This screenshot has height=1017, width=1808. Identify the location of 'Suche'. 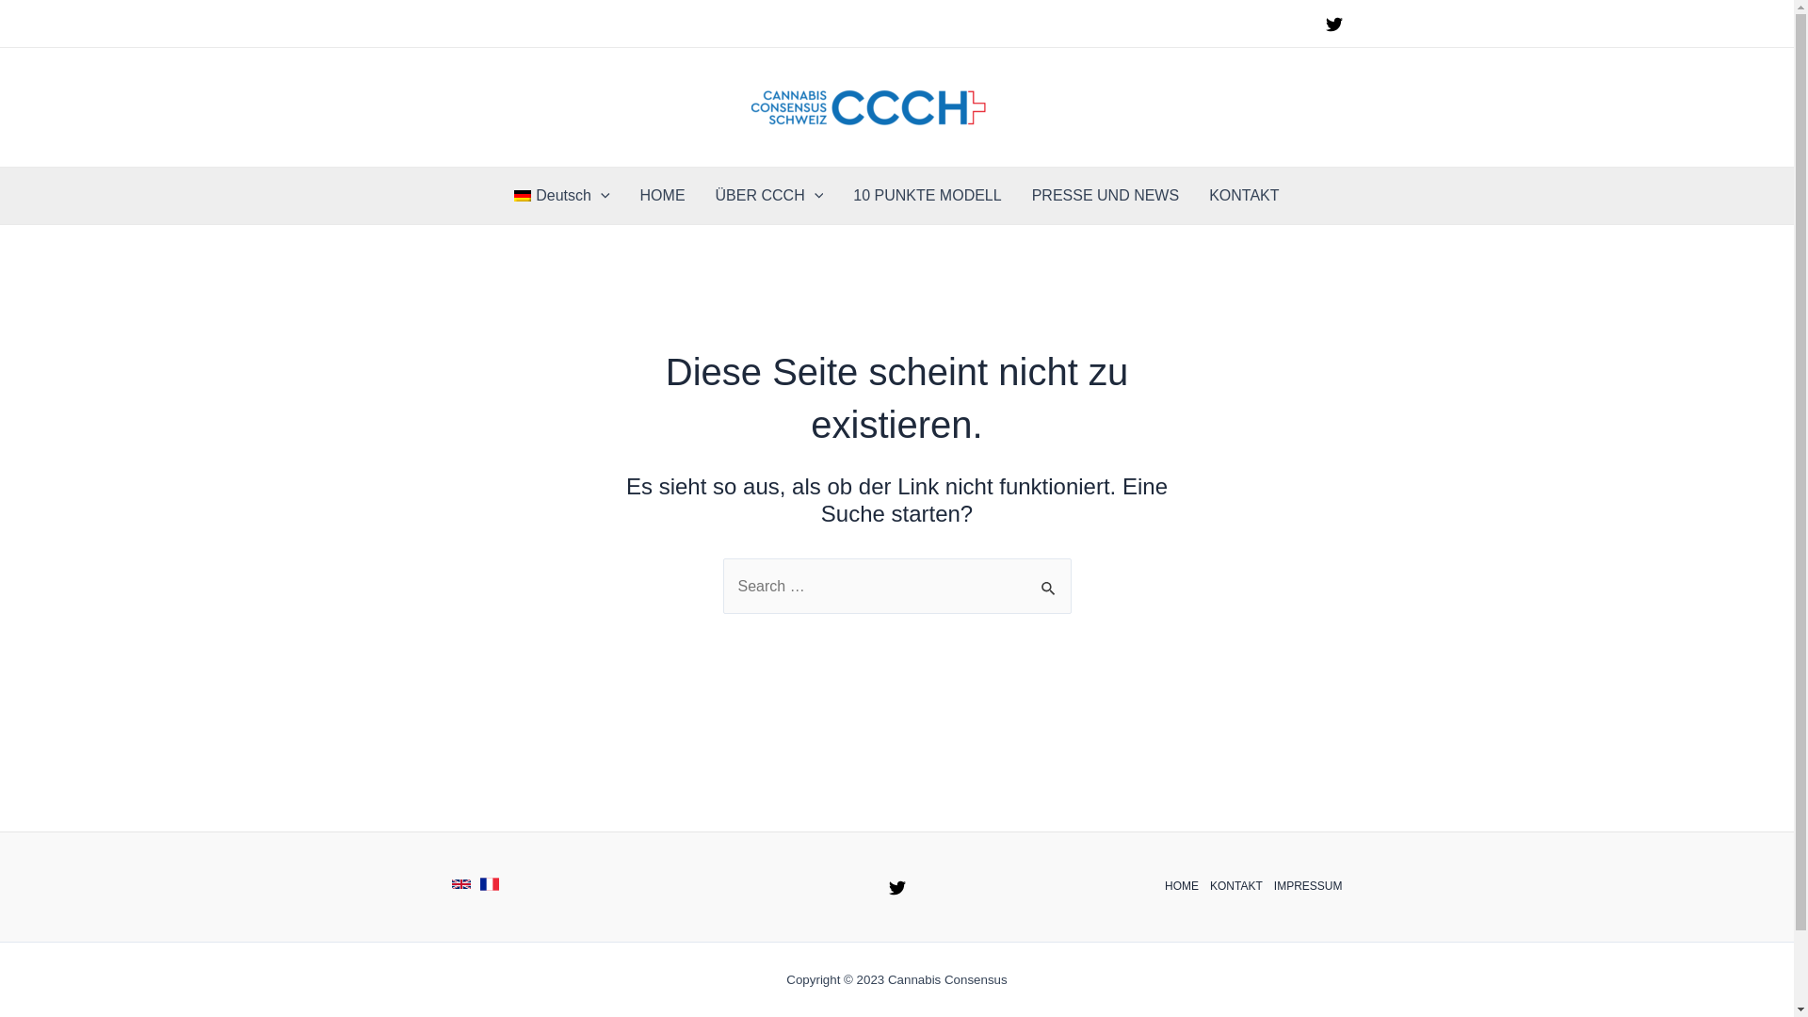
(1026, 576).